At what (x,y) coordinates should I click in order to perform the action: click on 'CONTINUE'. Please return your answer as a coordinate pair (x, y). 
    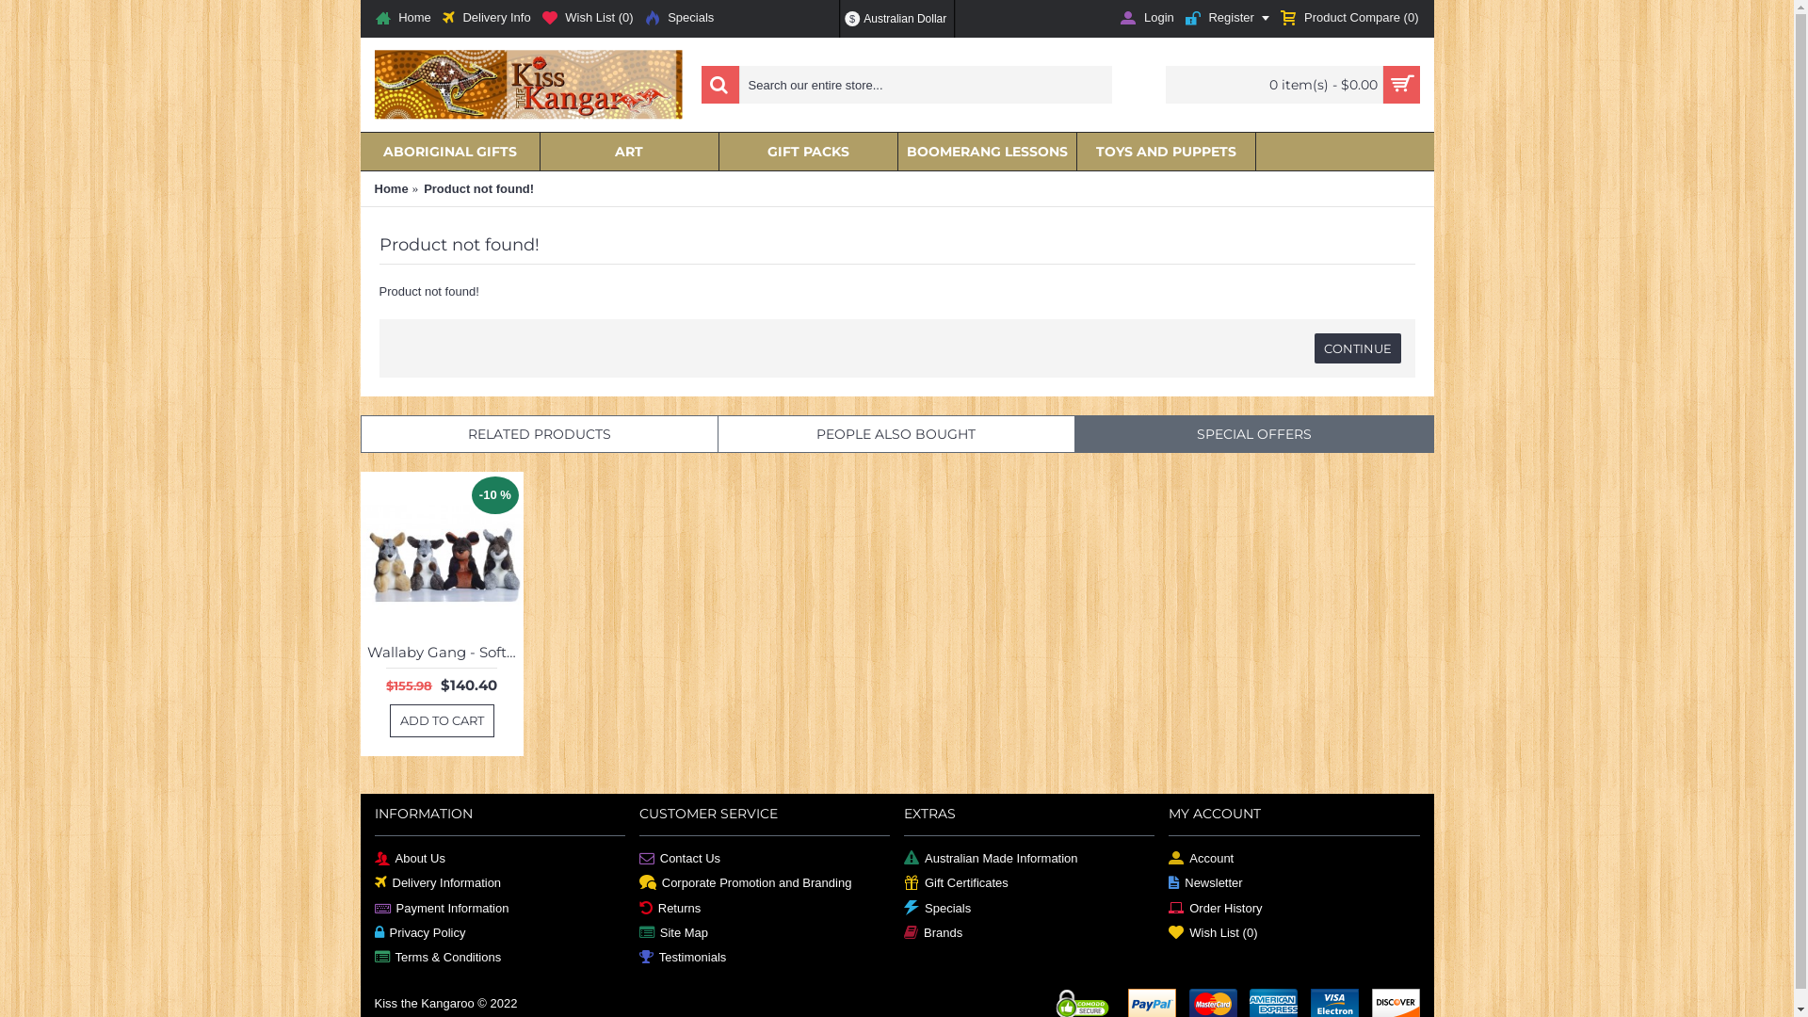
    Looking at the image, I should click on (1357, 348).